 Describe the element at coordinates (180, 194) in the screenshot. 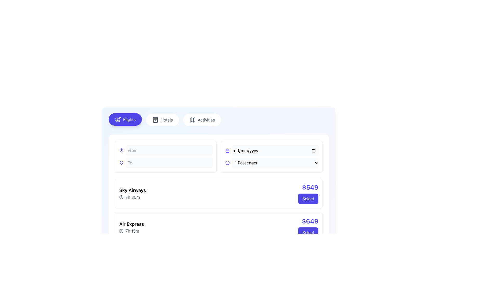

I see `the details of the Rating display component showing the value '4.6' with the star icon, positioned next to 'Sky Airways'` at that location.